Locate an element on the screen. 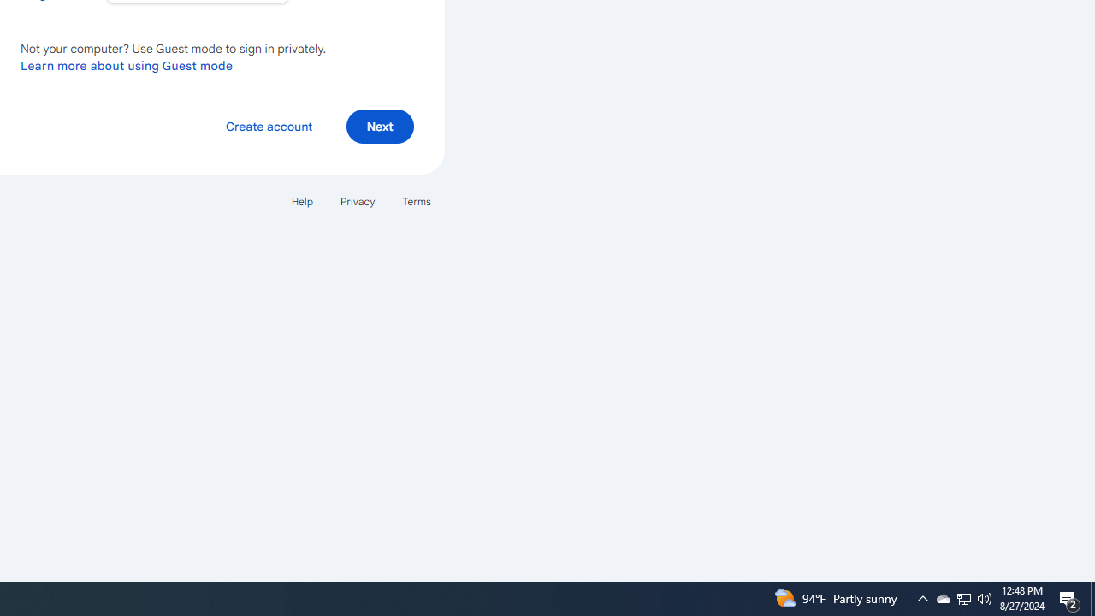  'Terms' is located at coordinates (417, 200).